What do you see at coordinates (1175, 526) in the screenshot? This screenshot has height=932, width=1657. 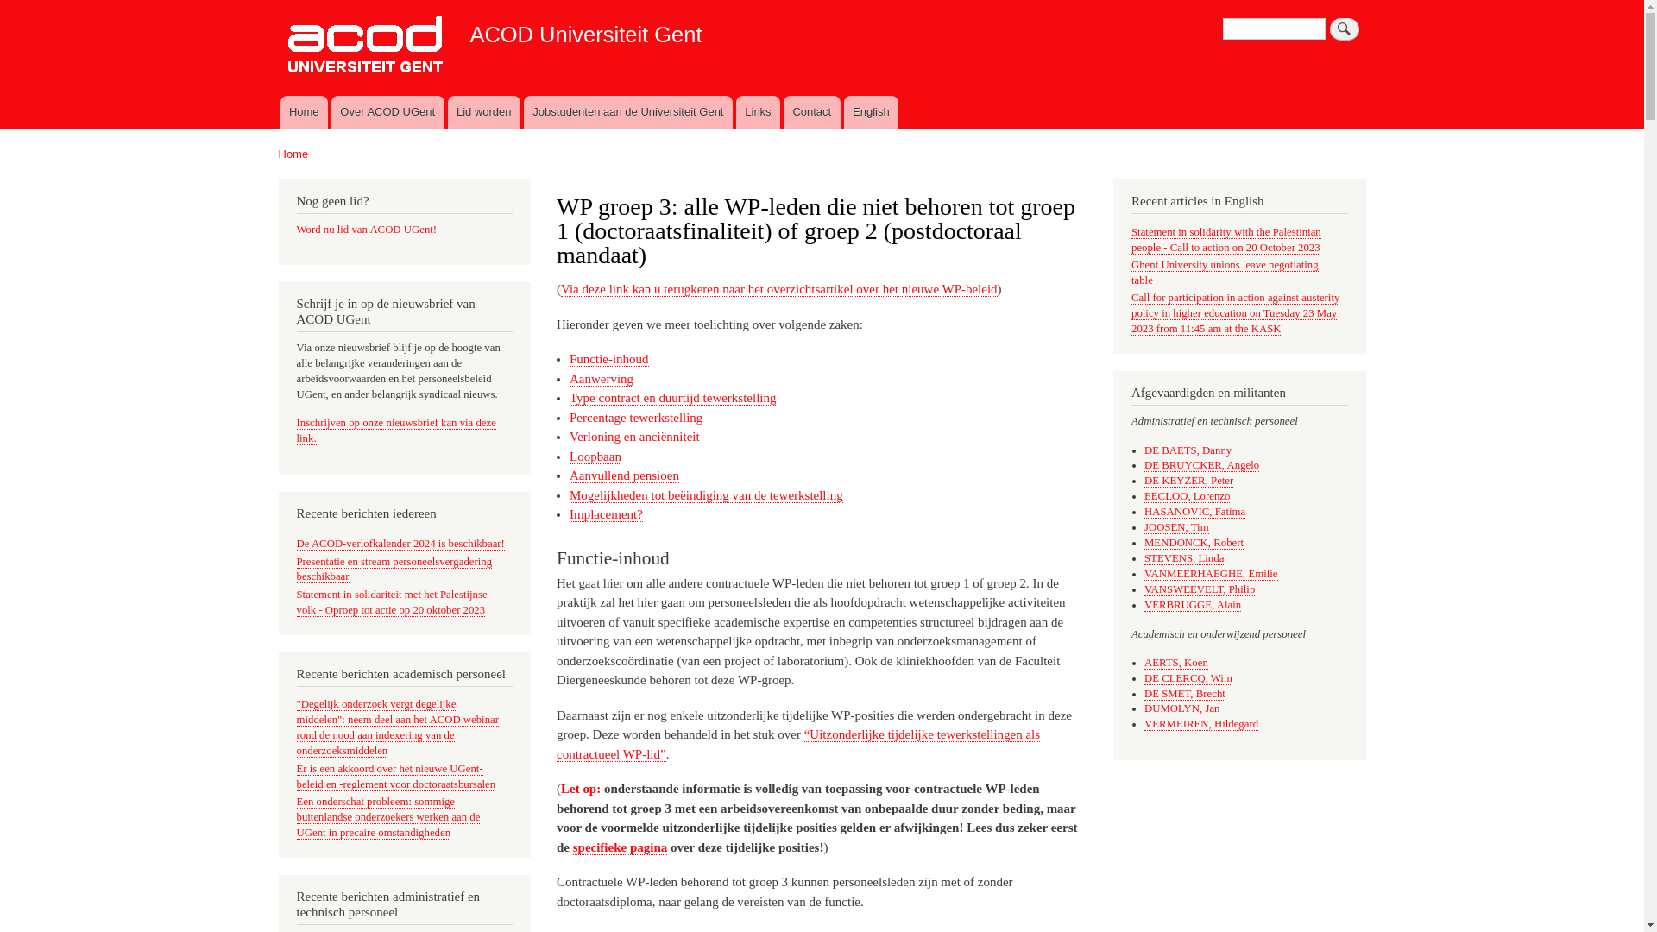 I see `'JOOSEN, Tim'` at bounding box center [1175, 526].